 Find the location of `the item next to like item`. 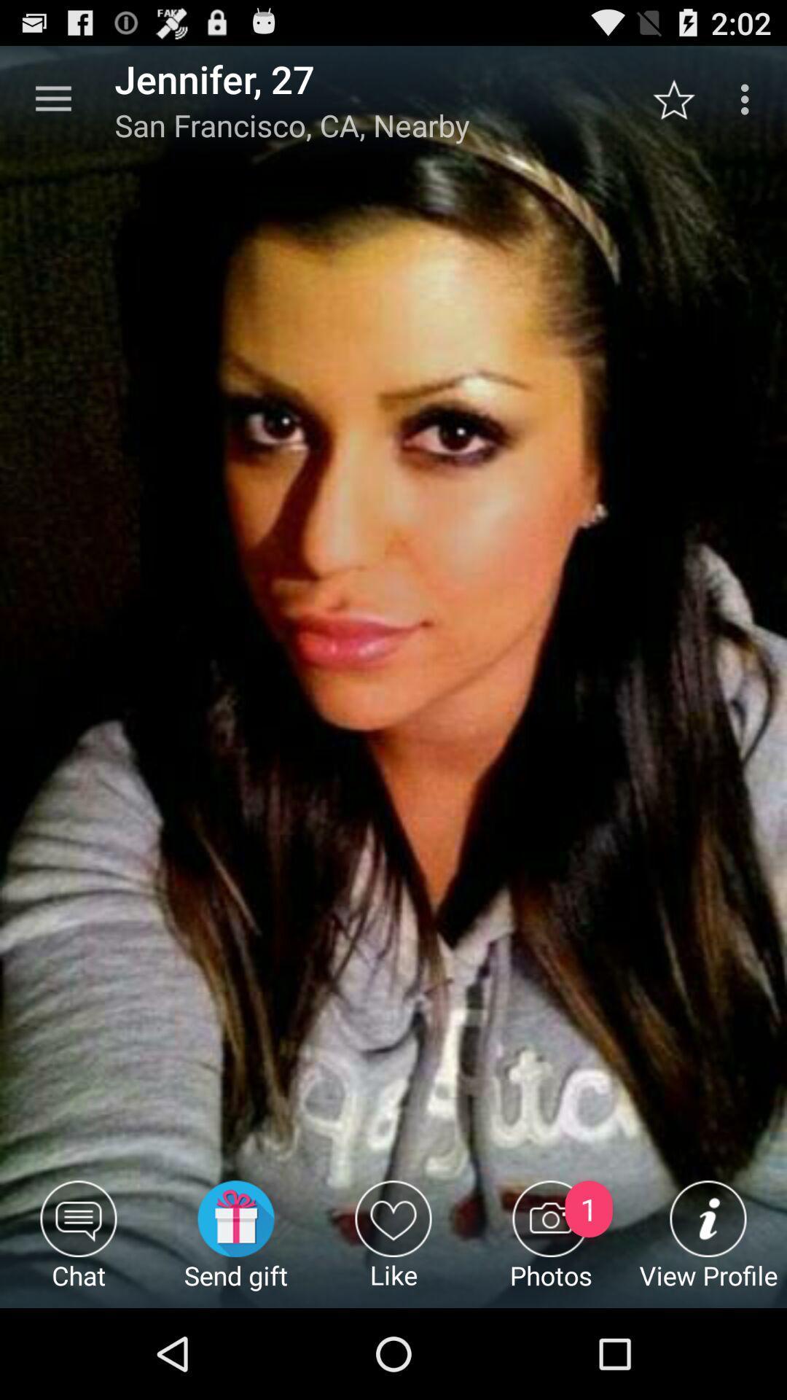

the item next to like item is located at coordinates (235, 1243).